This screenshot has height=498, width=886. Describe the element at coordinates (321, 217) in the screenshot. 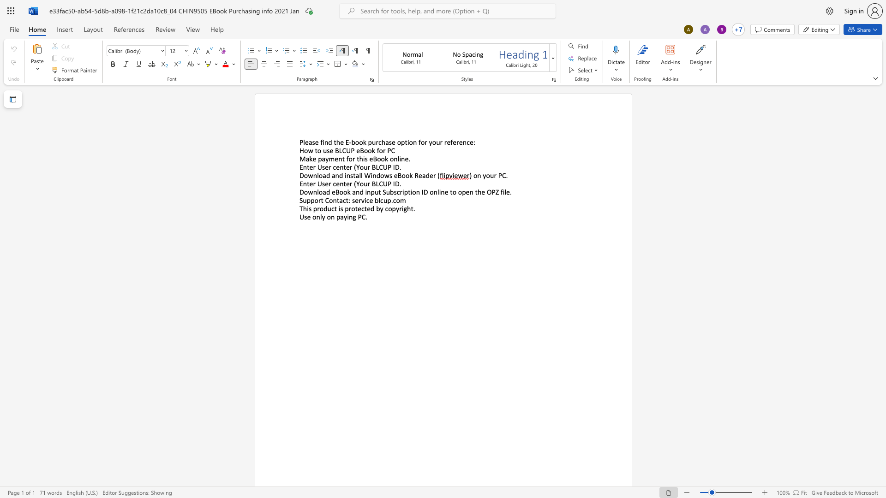

I see `the 1th character "l" in the text` at that location.